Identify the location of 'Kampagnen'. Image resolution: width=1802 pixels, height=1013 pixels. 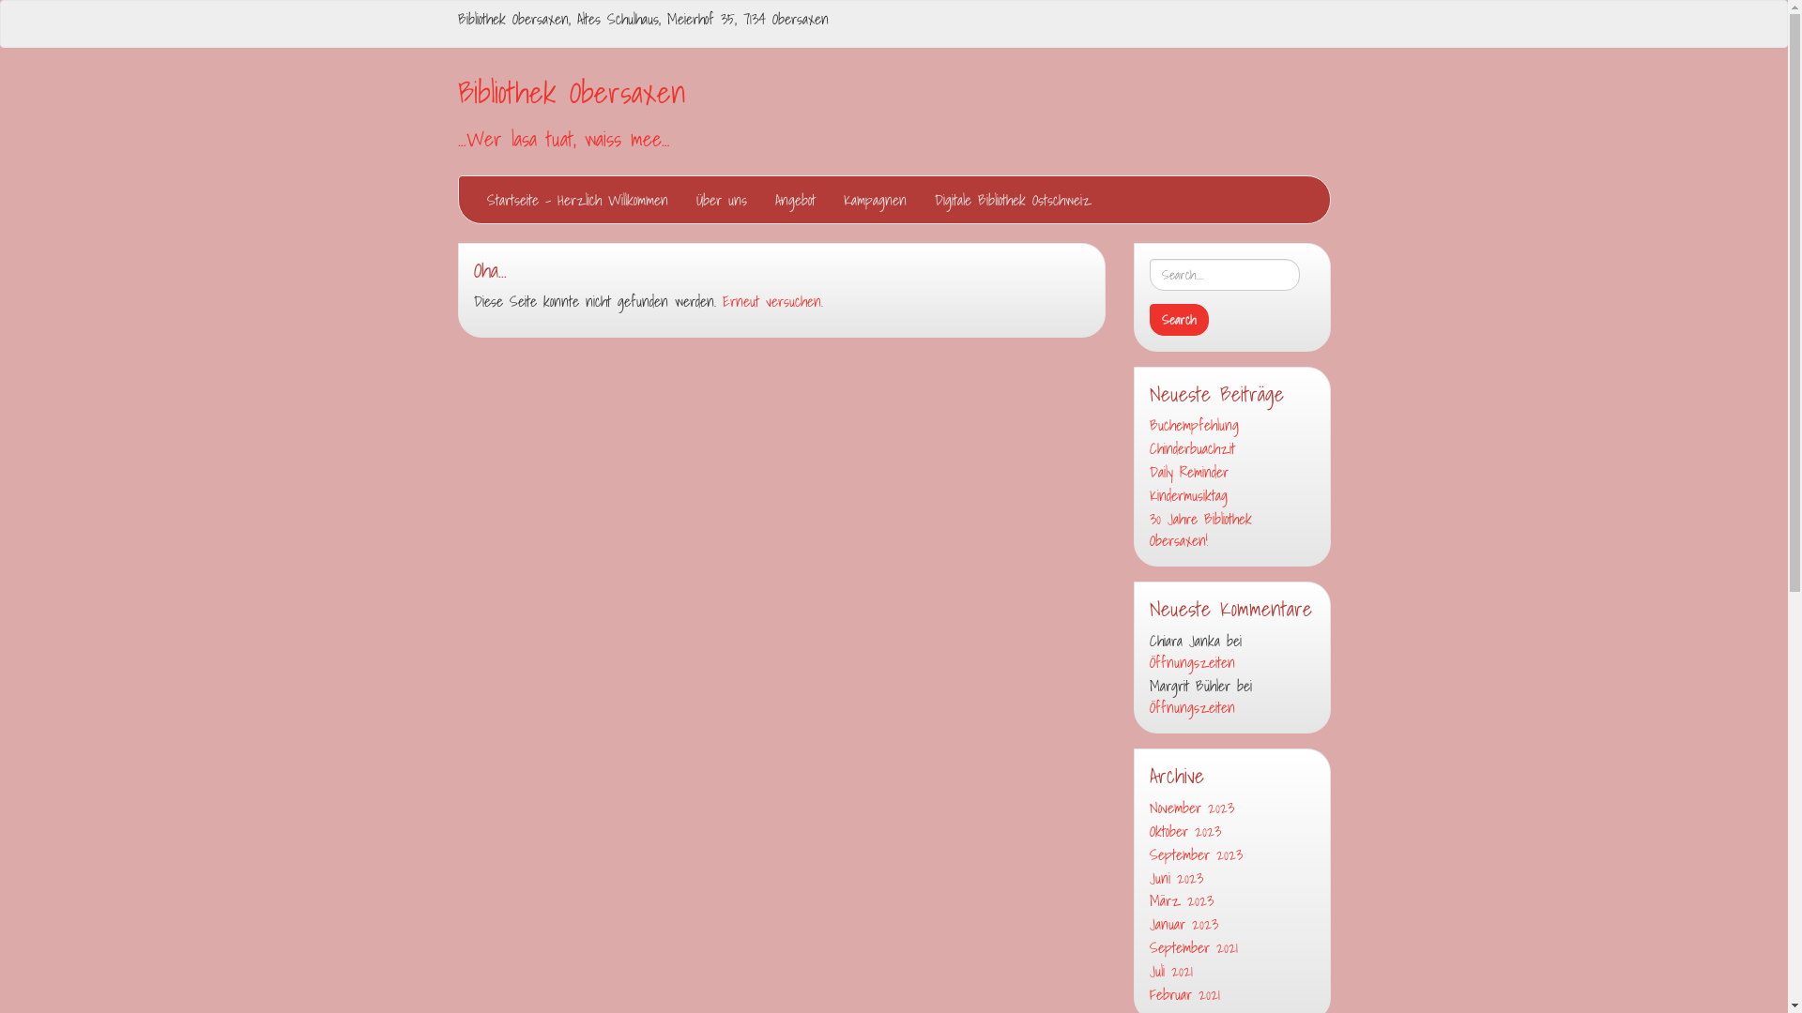
(874, 199).